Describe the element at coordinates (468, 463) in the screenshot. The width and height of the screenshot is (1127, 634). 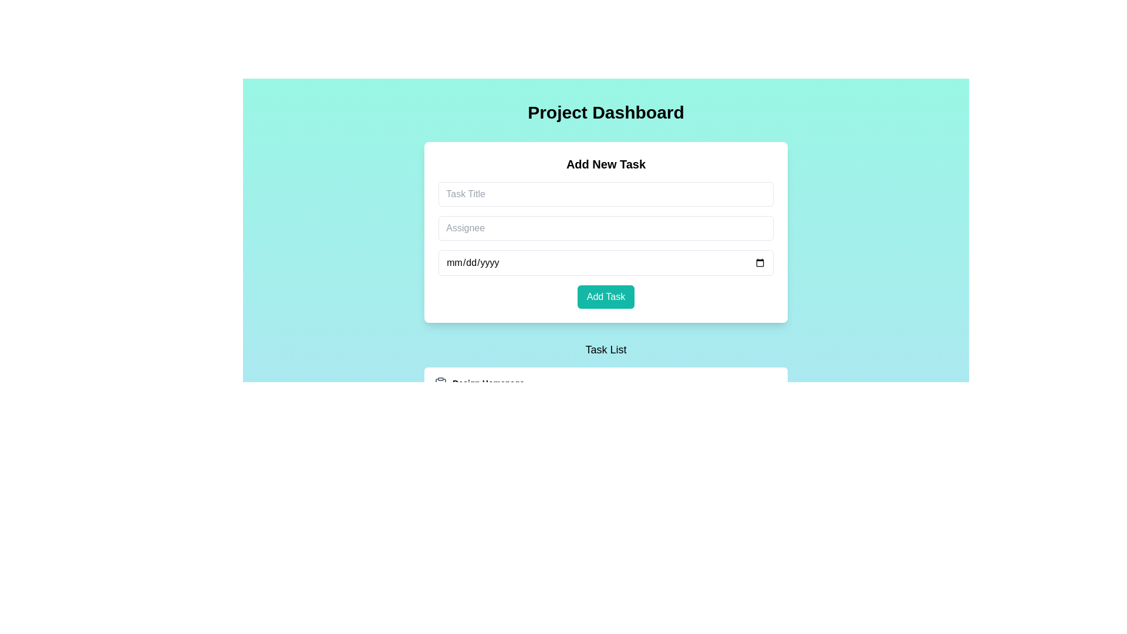
I see `the task title in the task display card` at that location.